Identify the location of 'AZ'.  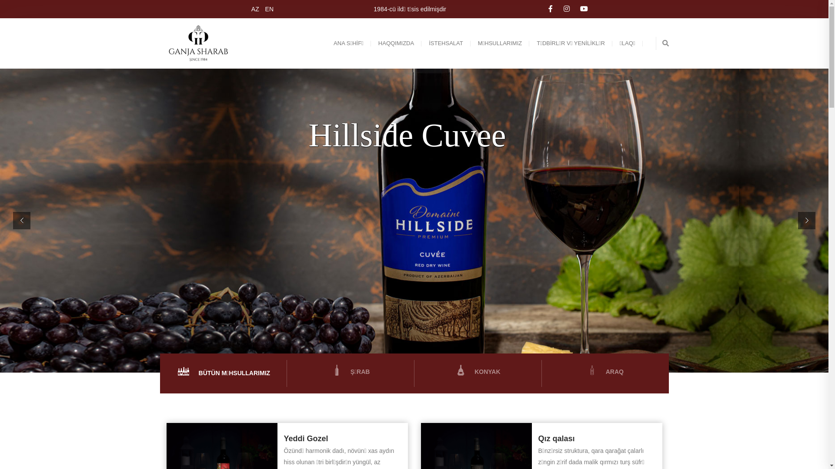
(254, 9).